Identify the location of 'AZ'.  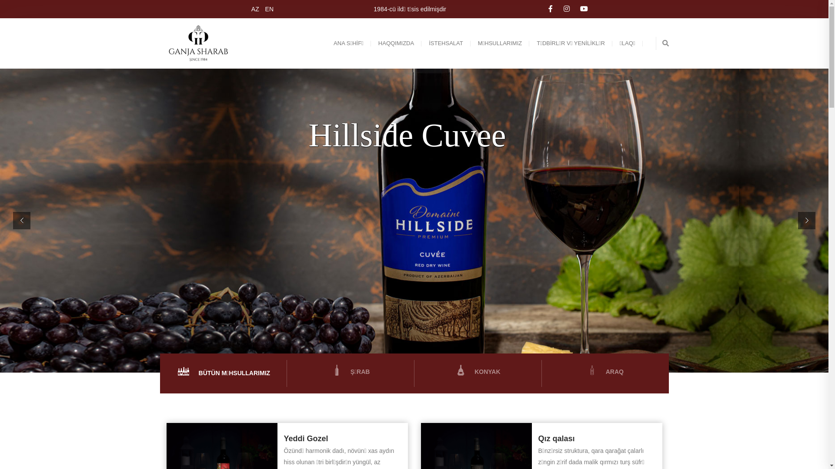
(254, 9).